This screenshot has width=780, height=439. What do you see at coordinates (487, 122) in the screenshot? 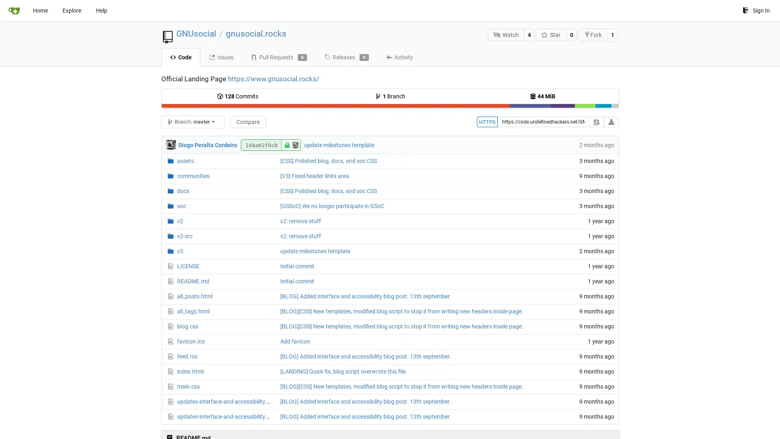
I see `HTTPS` at bounding box center [487, 122].